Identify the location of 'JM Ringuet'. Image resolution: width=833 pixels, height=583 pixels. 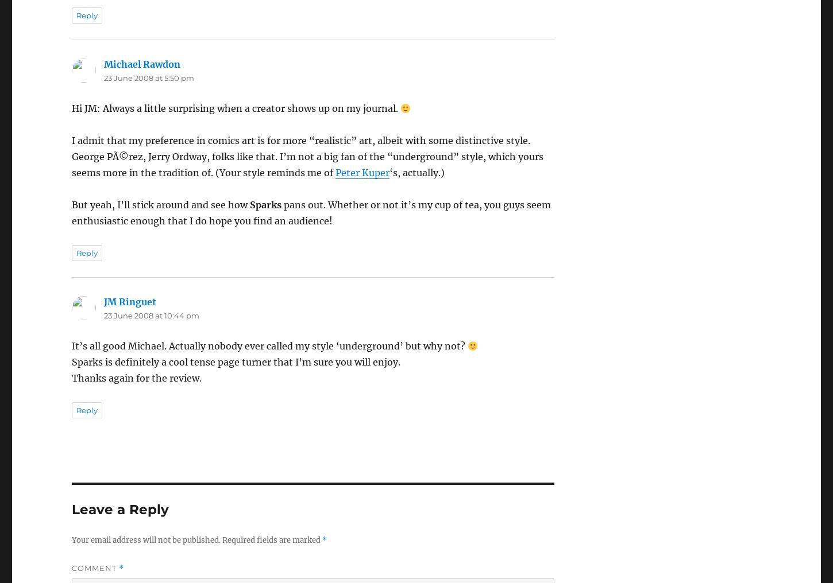
(129, 301).